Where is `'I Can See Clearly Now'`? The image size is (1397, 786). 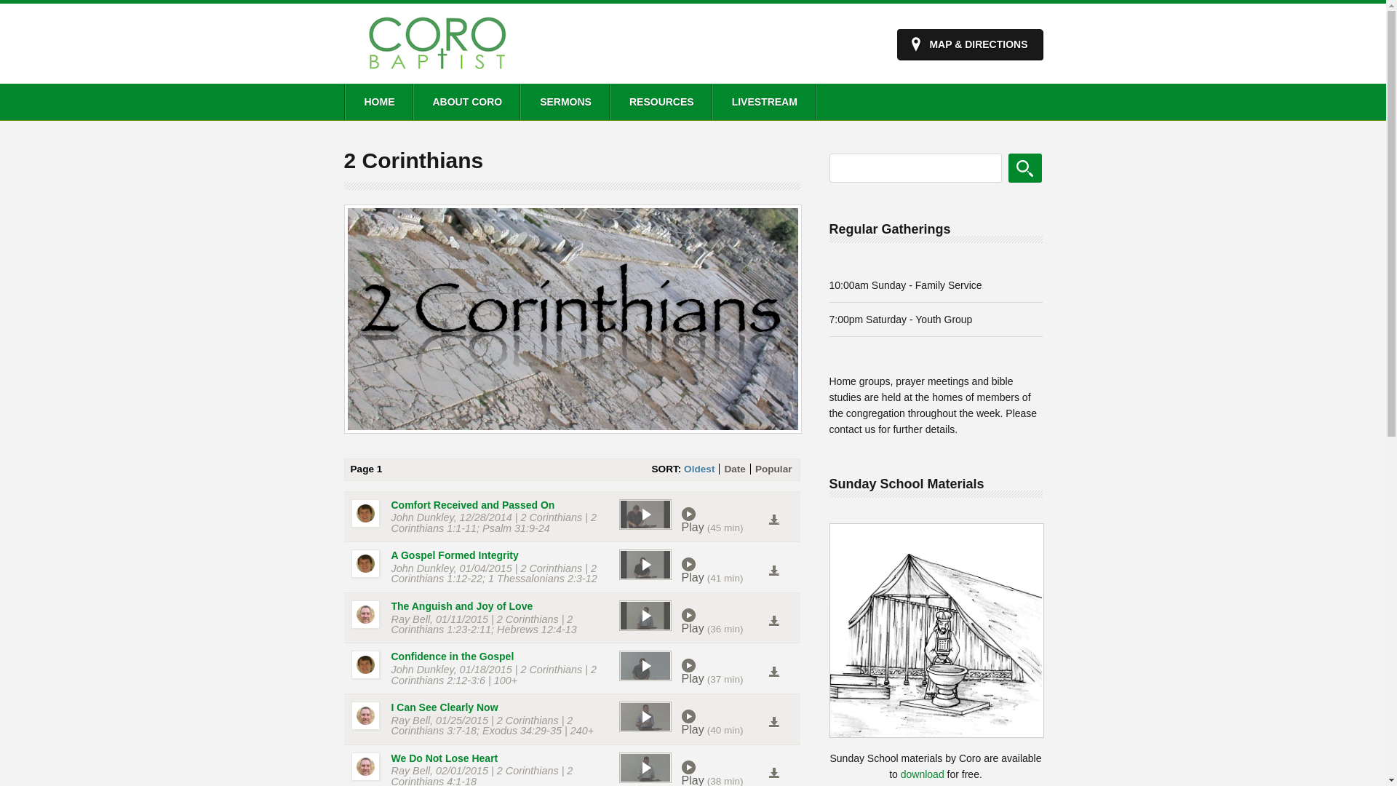 'I Can See Clearly Now' is located at coordinates (391, 707).